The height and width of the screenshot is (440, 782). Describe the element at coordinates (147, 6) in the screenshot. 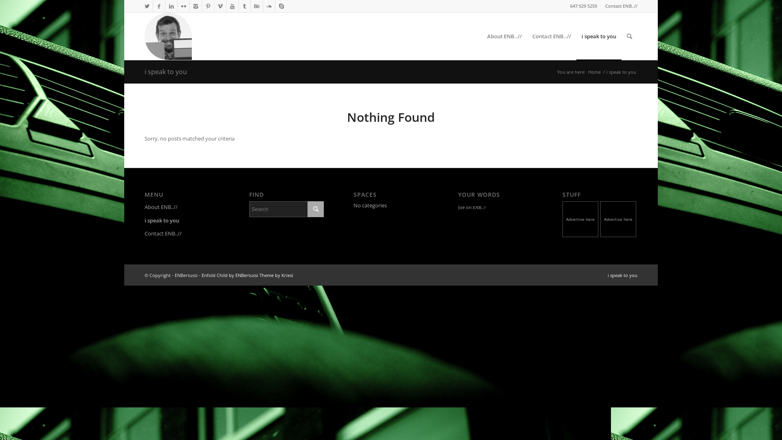

I see `'Twitter'` at that location.